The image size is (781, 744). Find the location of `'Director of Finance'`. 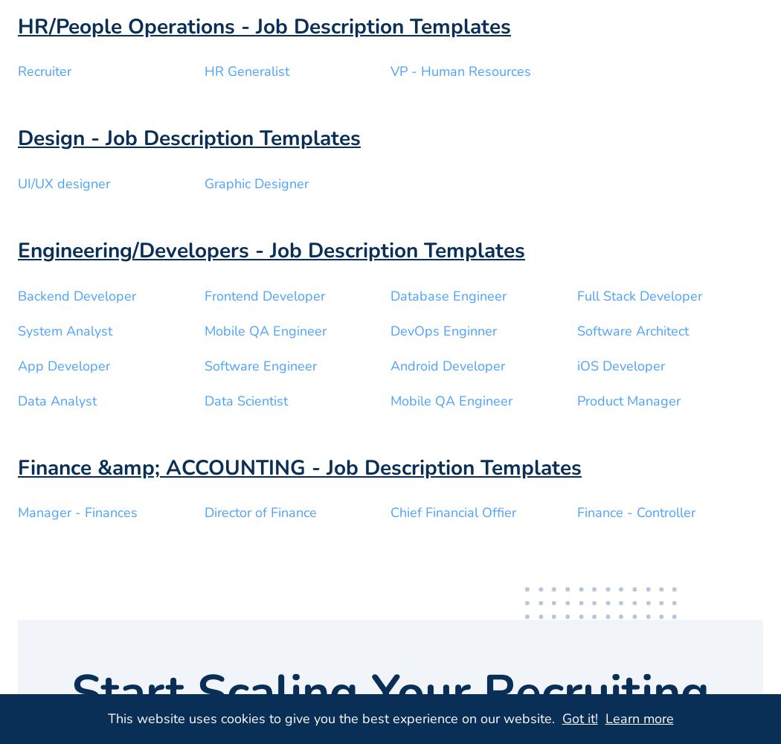

'Director of Finance' is located at coordinates (259, 512).